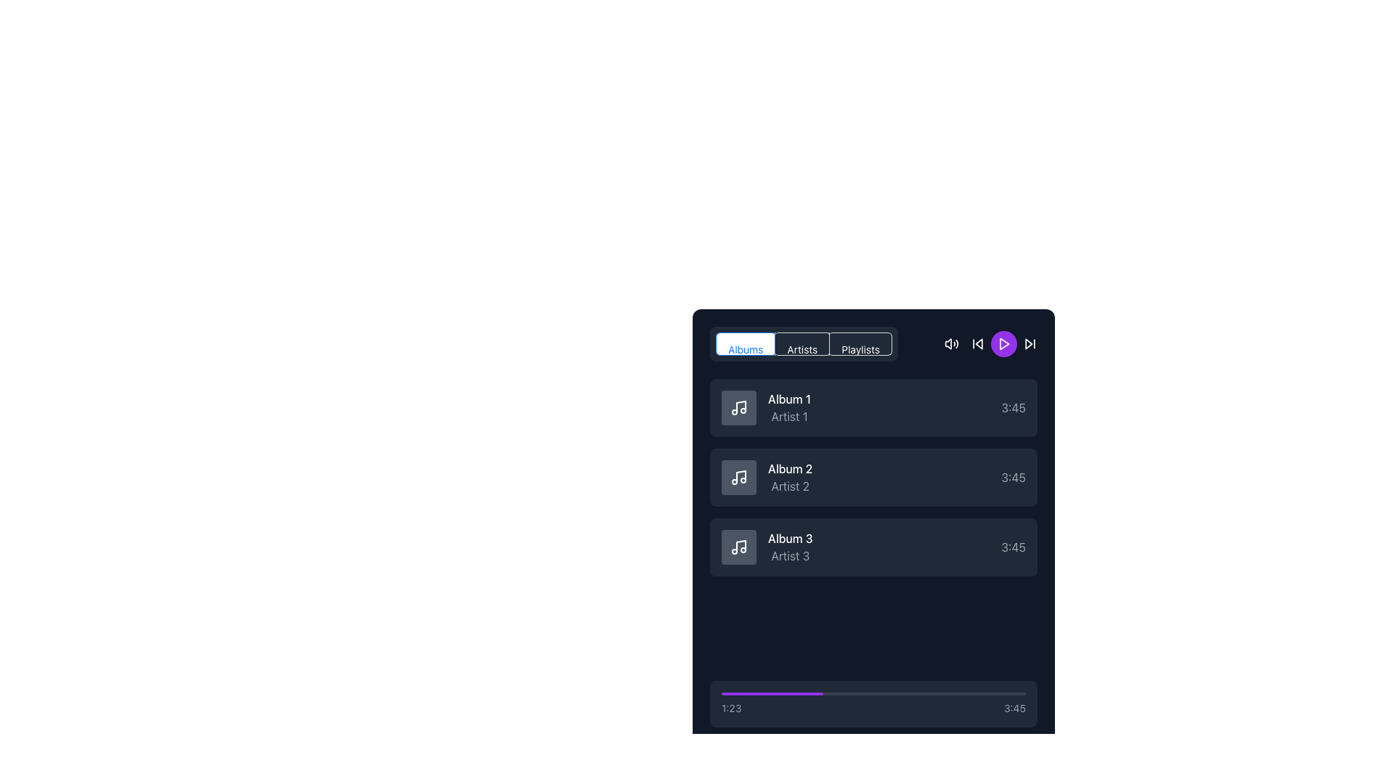 This screenshot has width=1394, height=784. What do you see at coordinates (762, 693) in the screenshot?
I see `playback position` at bounding box center [762, 693].